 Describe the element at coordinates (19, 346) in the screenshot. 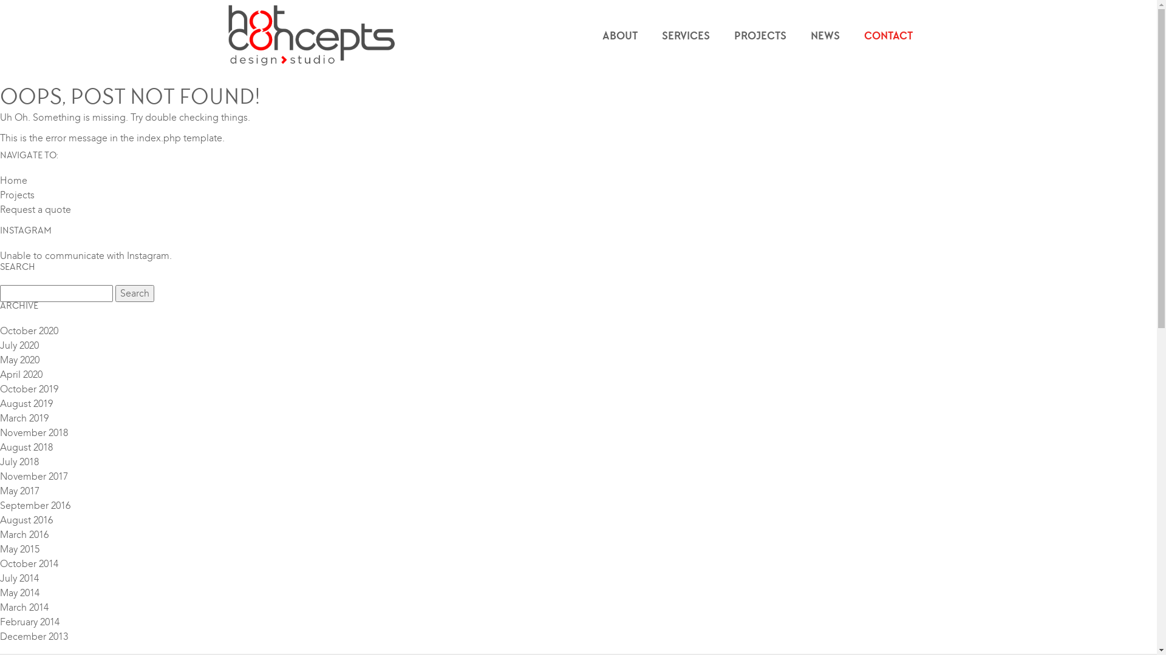

I see `'July 2020'` at that location.